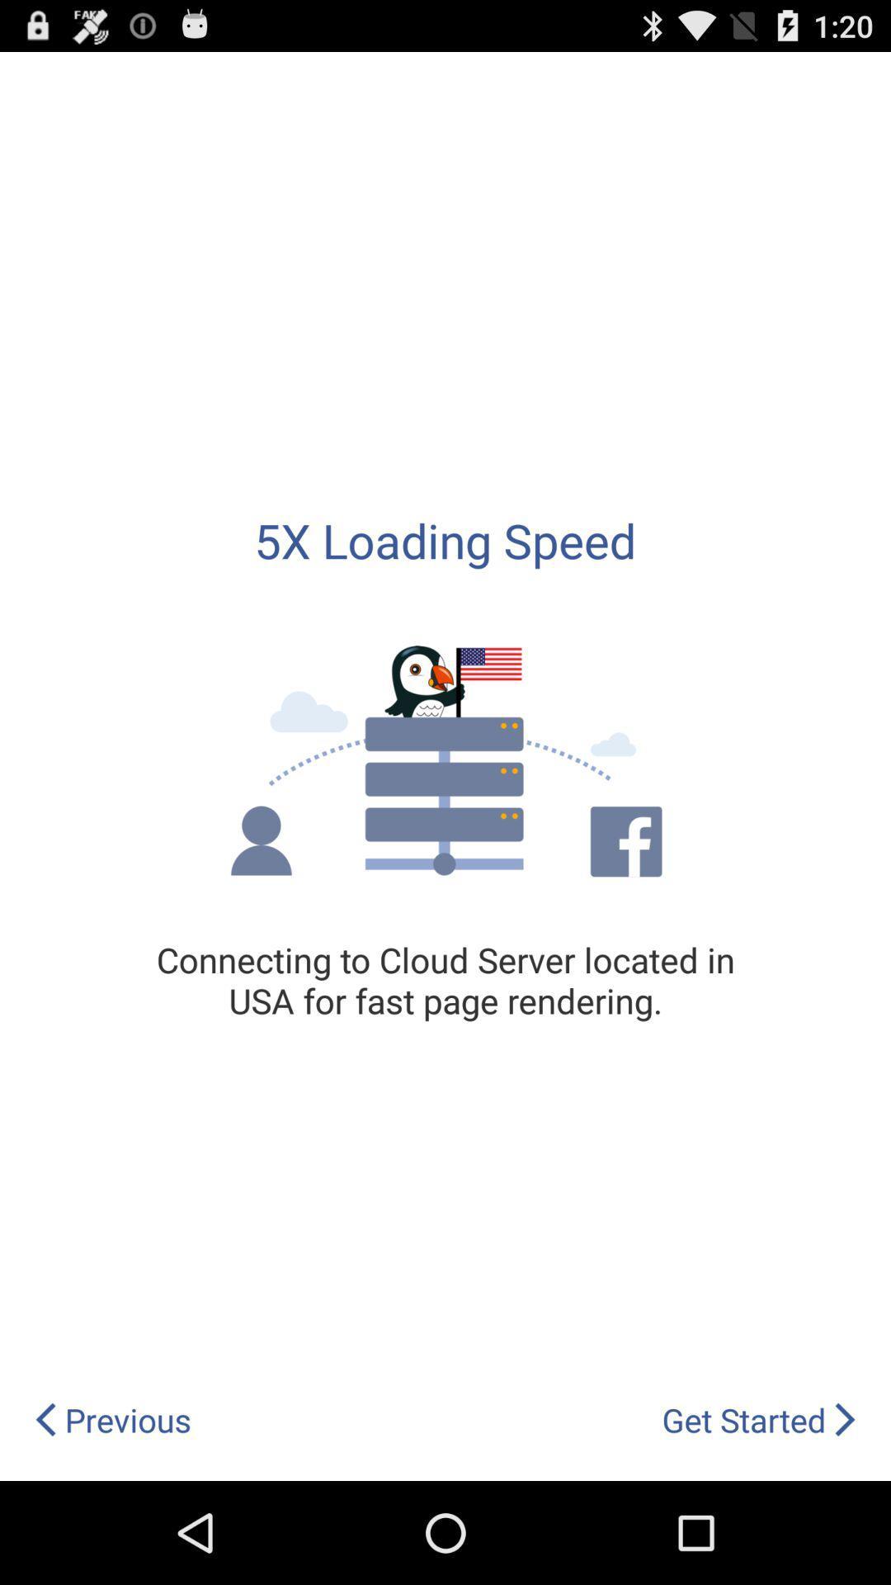  I want to click on item below the connecting to cloud icon, so click(111, 1419).